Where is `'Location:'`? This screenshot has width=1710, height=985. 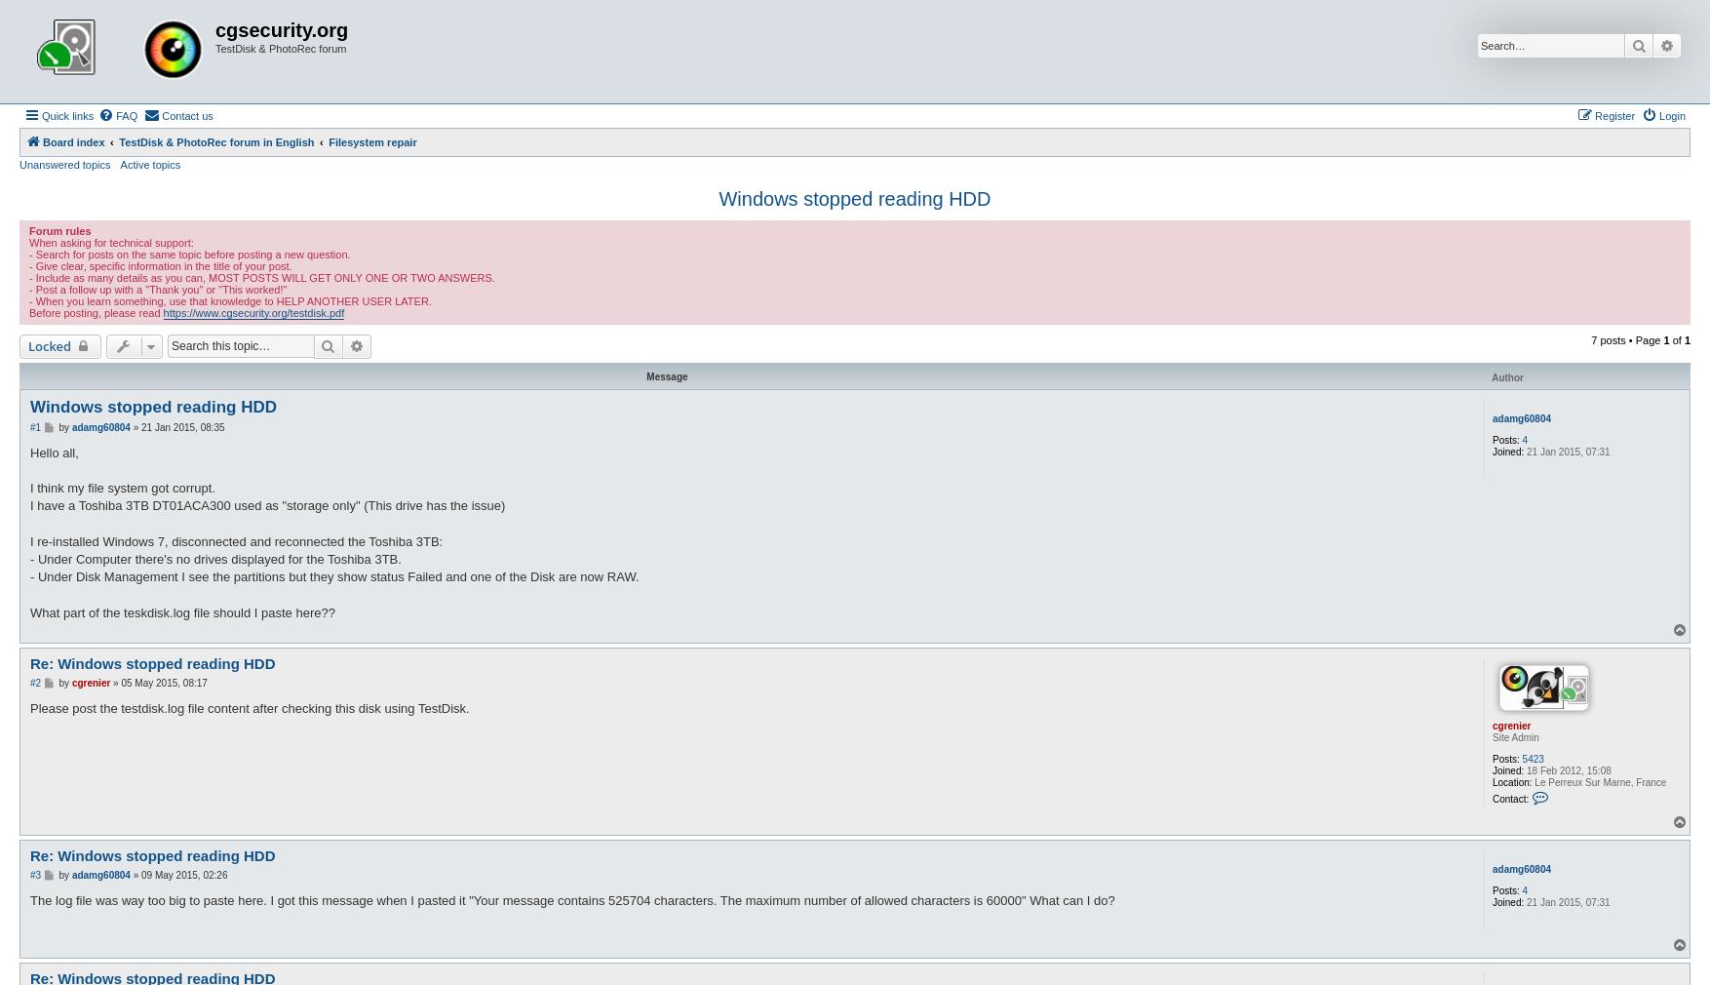
'Location:' is located at coordinates (1492, 781).